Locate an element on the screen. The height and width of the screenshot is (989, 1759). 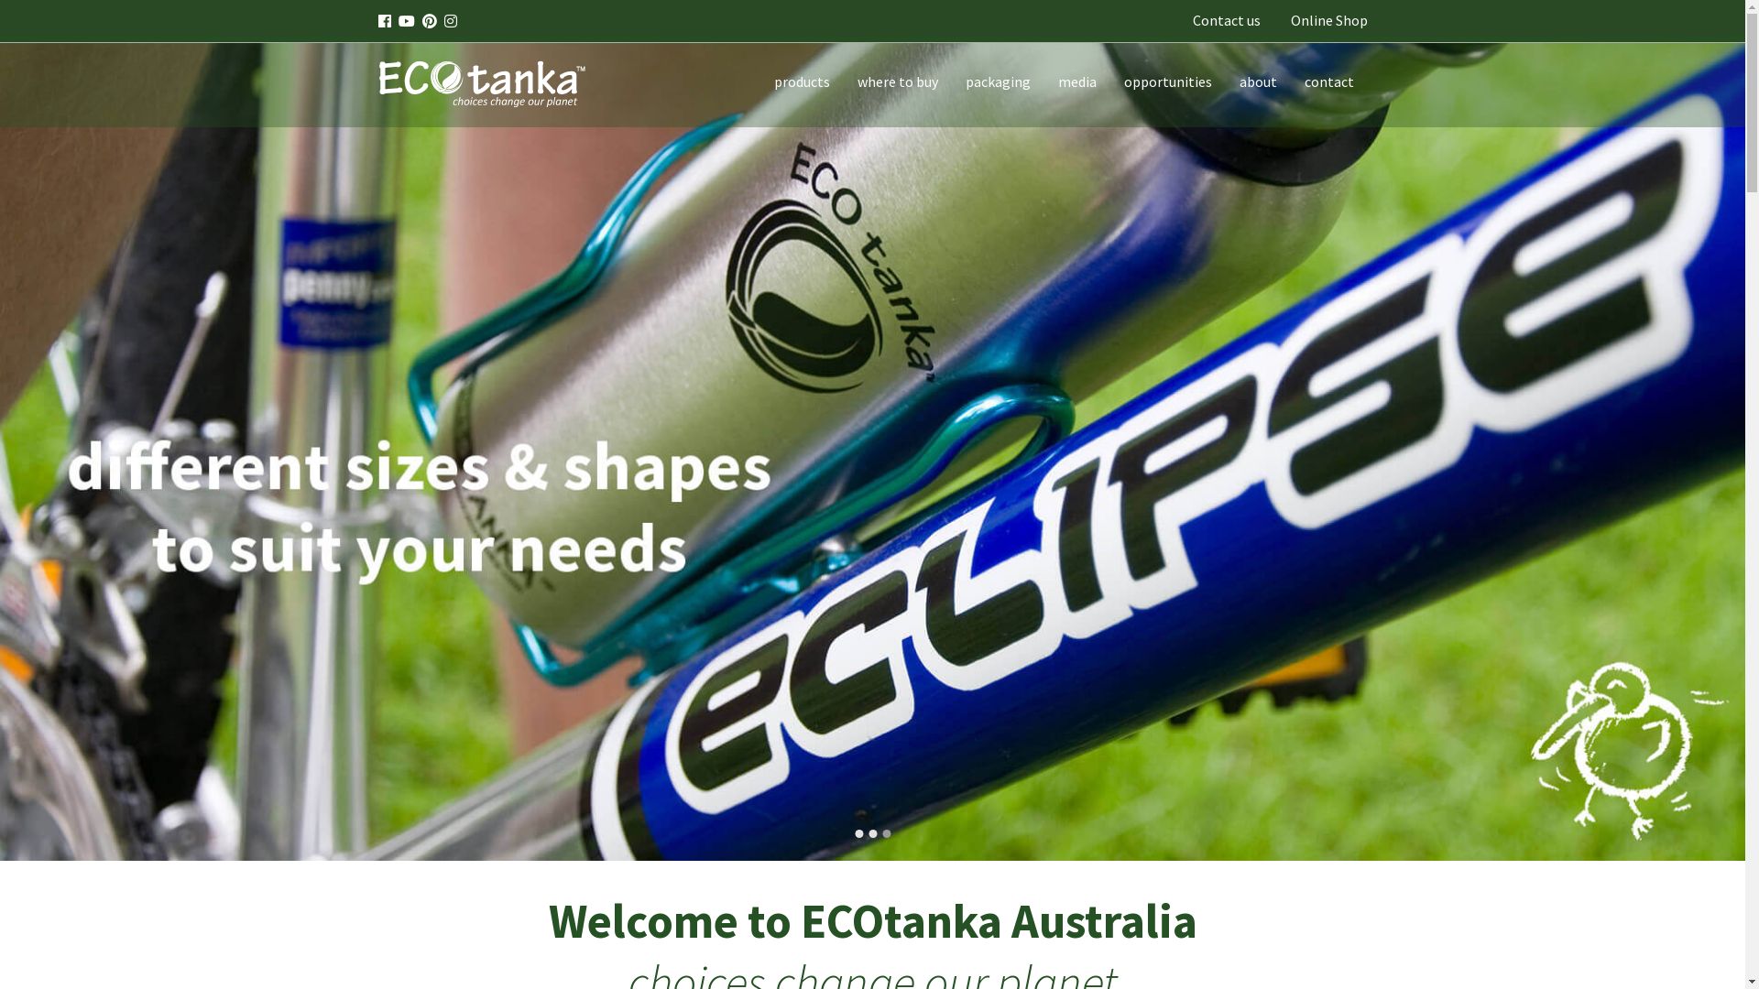
'where to buy' is located at coordinates (897, 80).